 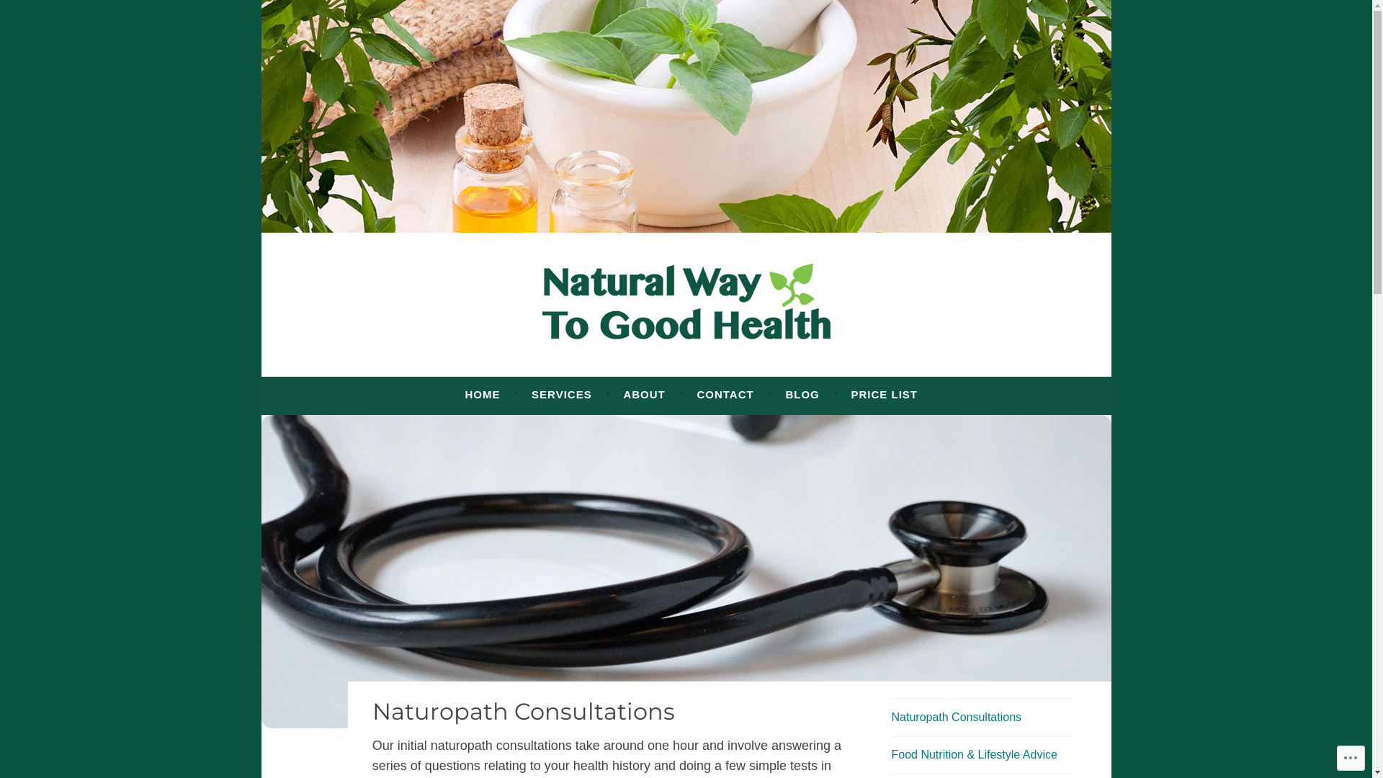 What do you see at coordinates (975, 754) in the screenshot?
I see `'Food Nutrition & Lifestyle Advice'` at bounding box center [975, 754].